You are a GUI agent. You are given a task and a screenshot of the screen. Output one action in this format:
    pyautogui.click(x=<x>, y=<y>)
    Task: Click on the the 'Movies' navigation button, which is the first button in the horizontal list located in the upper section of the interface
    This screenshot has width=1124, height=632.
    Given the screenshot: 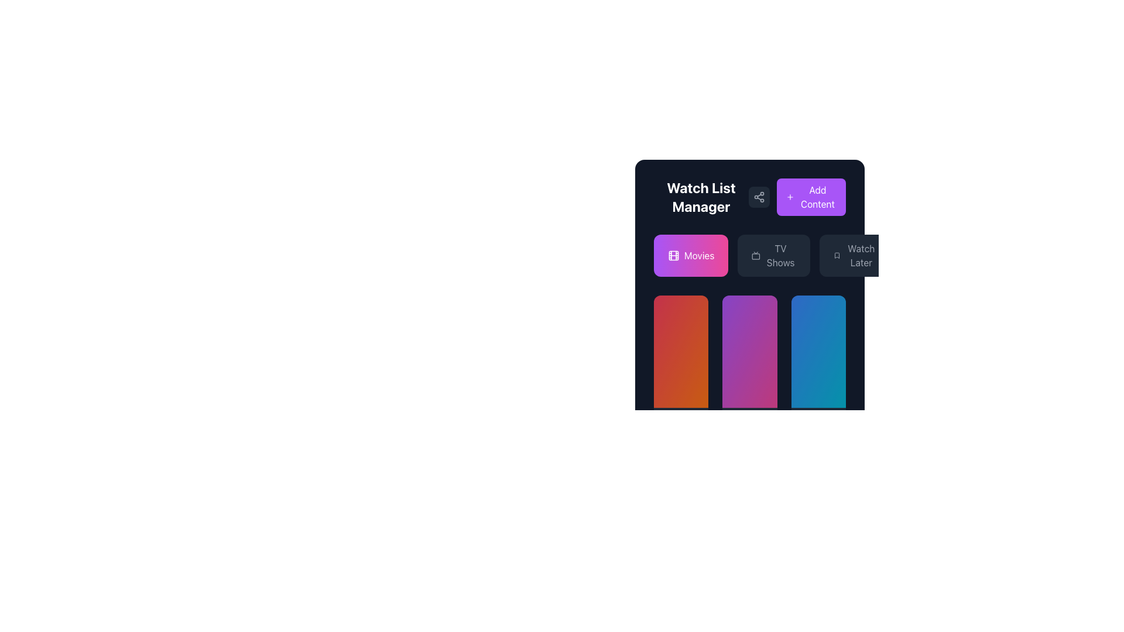 What is the action you would take?
    pyautogui.click(x=691, y=255)
    